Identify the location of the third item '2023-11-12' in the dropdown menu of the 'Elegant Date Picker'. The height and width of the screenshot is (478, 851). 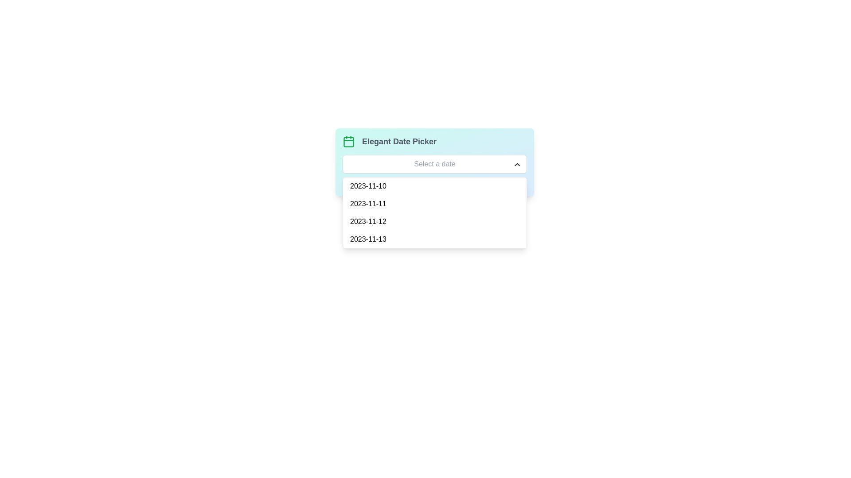
(434, 221).